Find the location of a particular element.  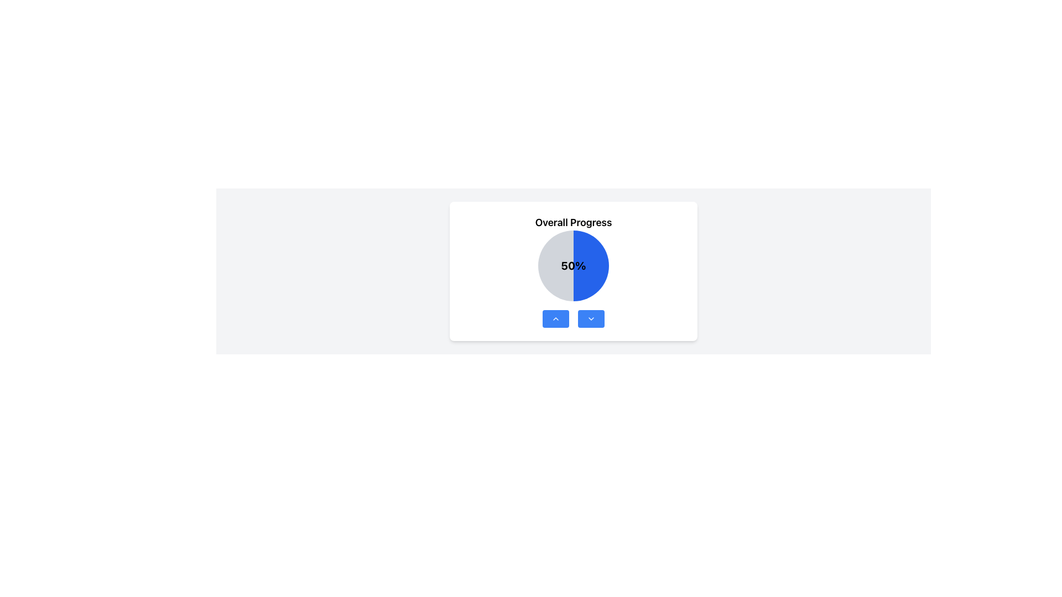

the downward-facing chevron icon with a blue stroke on a solid blue background, located at the center bottom of the white panel, to trigger tooltip or highlight effects is located at coordinates (591, 319).